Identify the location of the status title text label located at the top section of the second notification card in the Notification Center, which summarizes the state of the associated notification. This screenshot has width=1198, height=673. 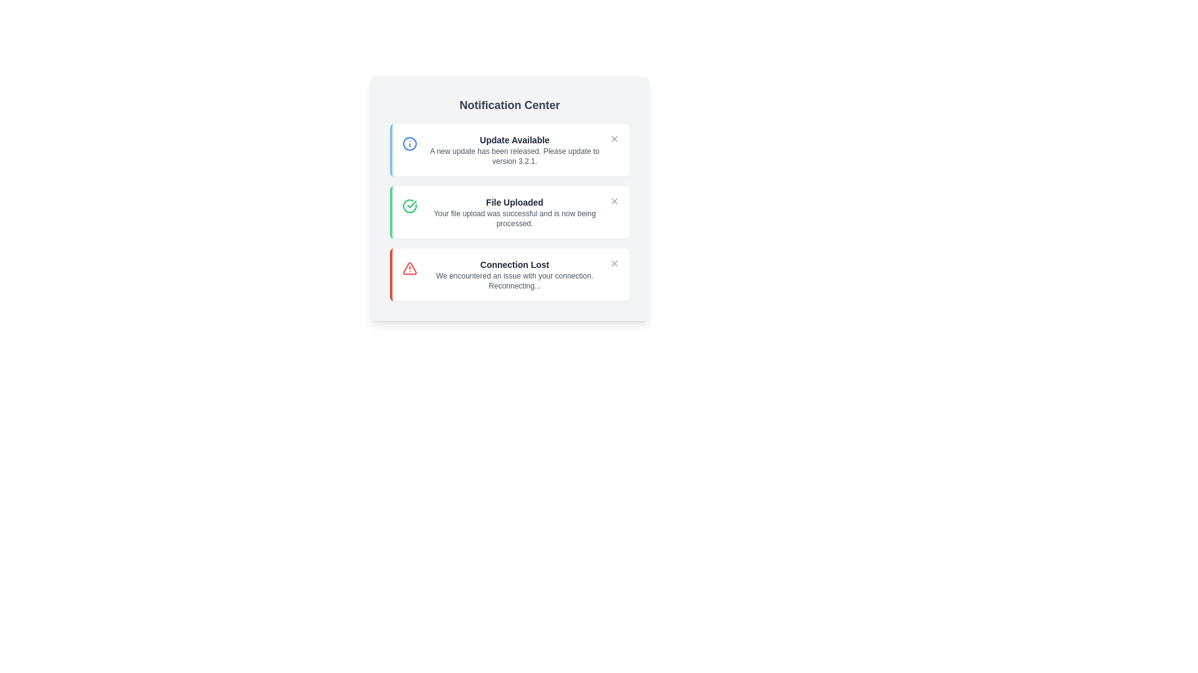
(515, 201).